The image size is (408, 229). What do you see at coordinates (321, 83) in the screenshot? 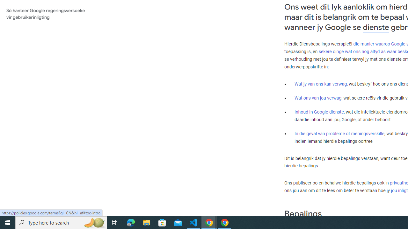
I see `'Wat jy van ons kan verwag'` at bounding box center [321, 83].